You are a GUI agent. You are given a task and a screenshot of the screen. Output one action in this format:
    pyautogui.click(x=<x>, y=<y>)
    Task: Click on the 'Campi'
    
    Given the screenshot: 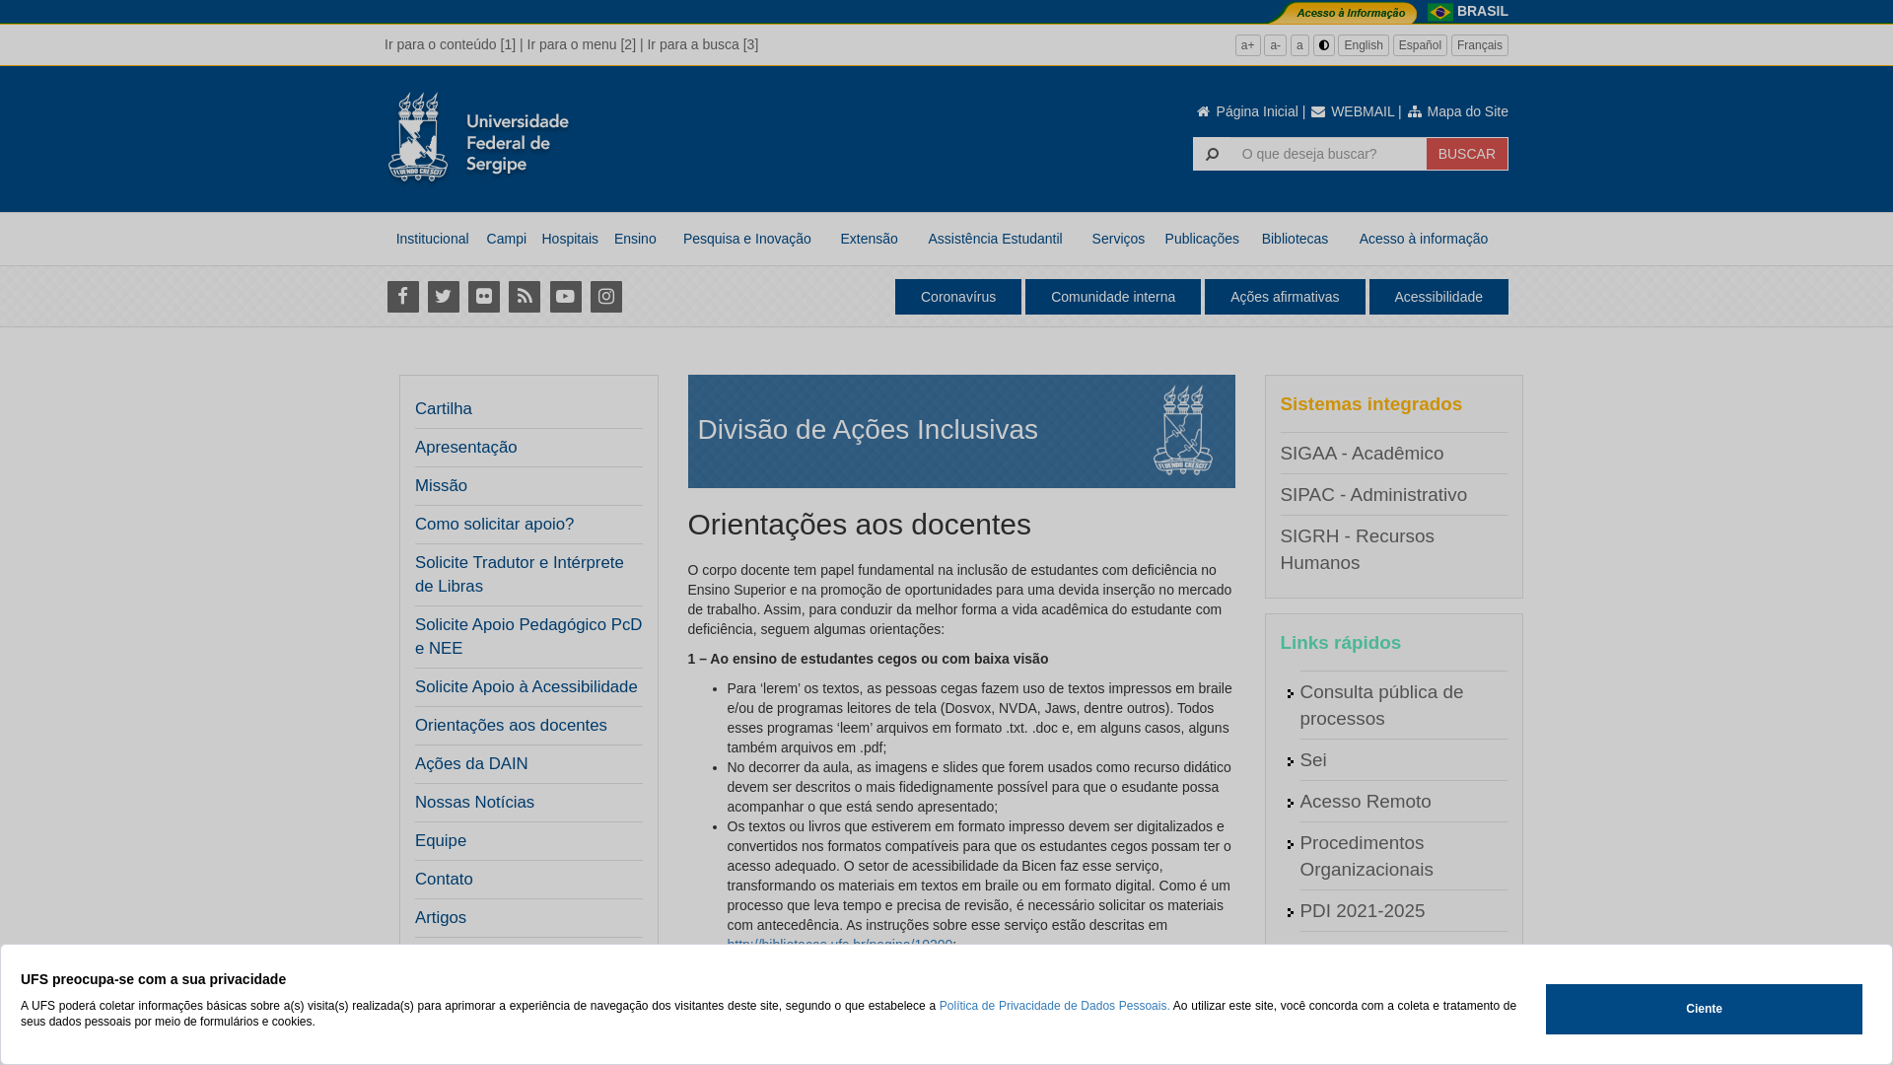 What is the action you would take?
    pyautogui.click(x=506, y=238)
    